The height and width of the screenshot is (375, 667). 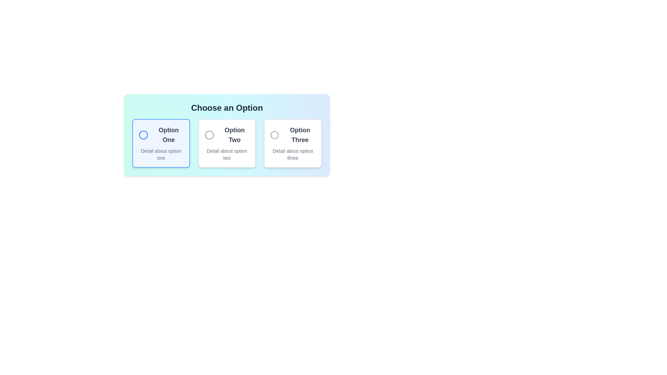 I want to click on the circular icon with a blue outline located inside the card labeled 'Option One', which is the first card in a horizontal set of three cards, so click(x=143, y=135).